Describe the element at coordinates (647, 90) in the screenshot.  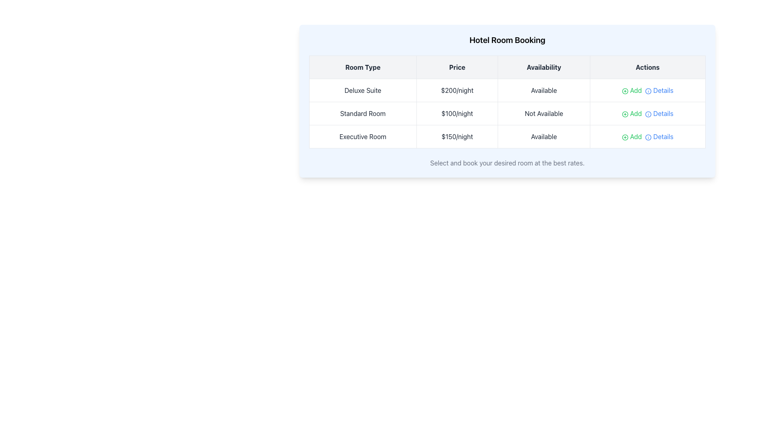
I see `the interactive grouped button with 'Add' and 'Details' labels located in the 'Actions' column of the first row of the table for the 'Deluxe Suite' entry` at that location.